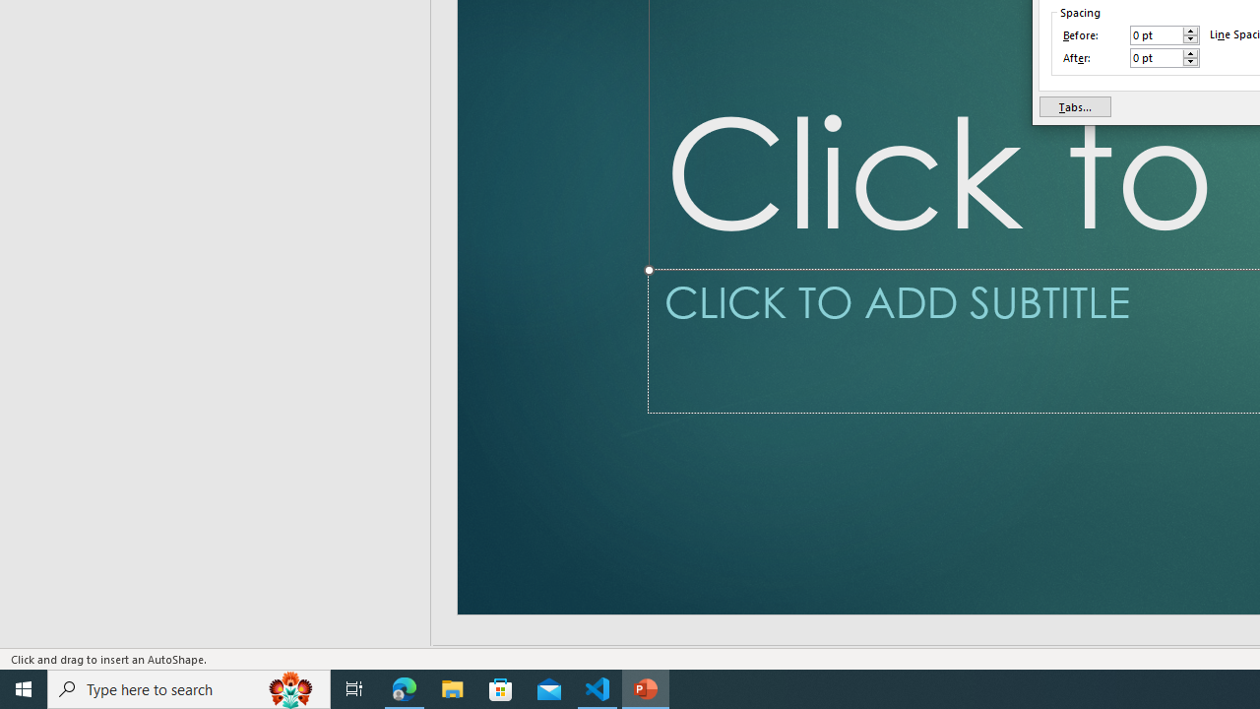  I want to click on 'Task View', so click(353, 687).